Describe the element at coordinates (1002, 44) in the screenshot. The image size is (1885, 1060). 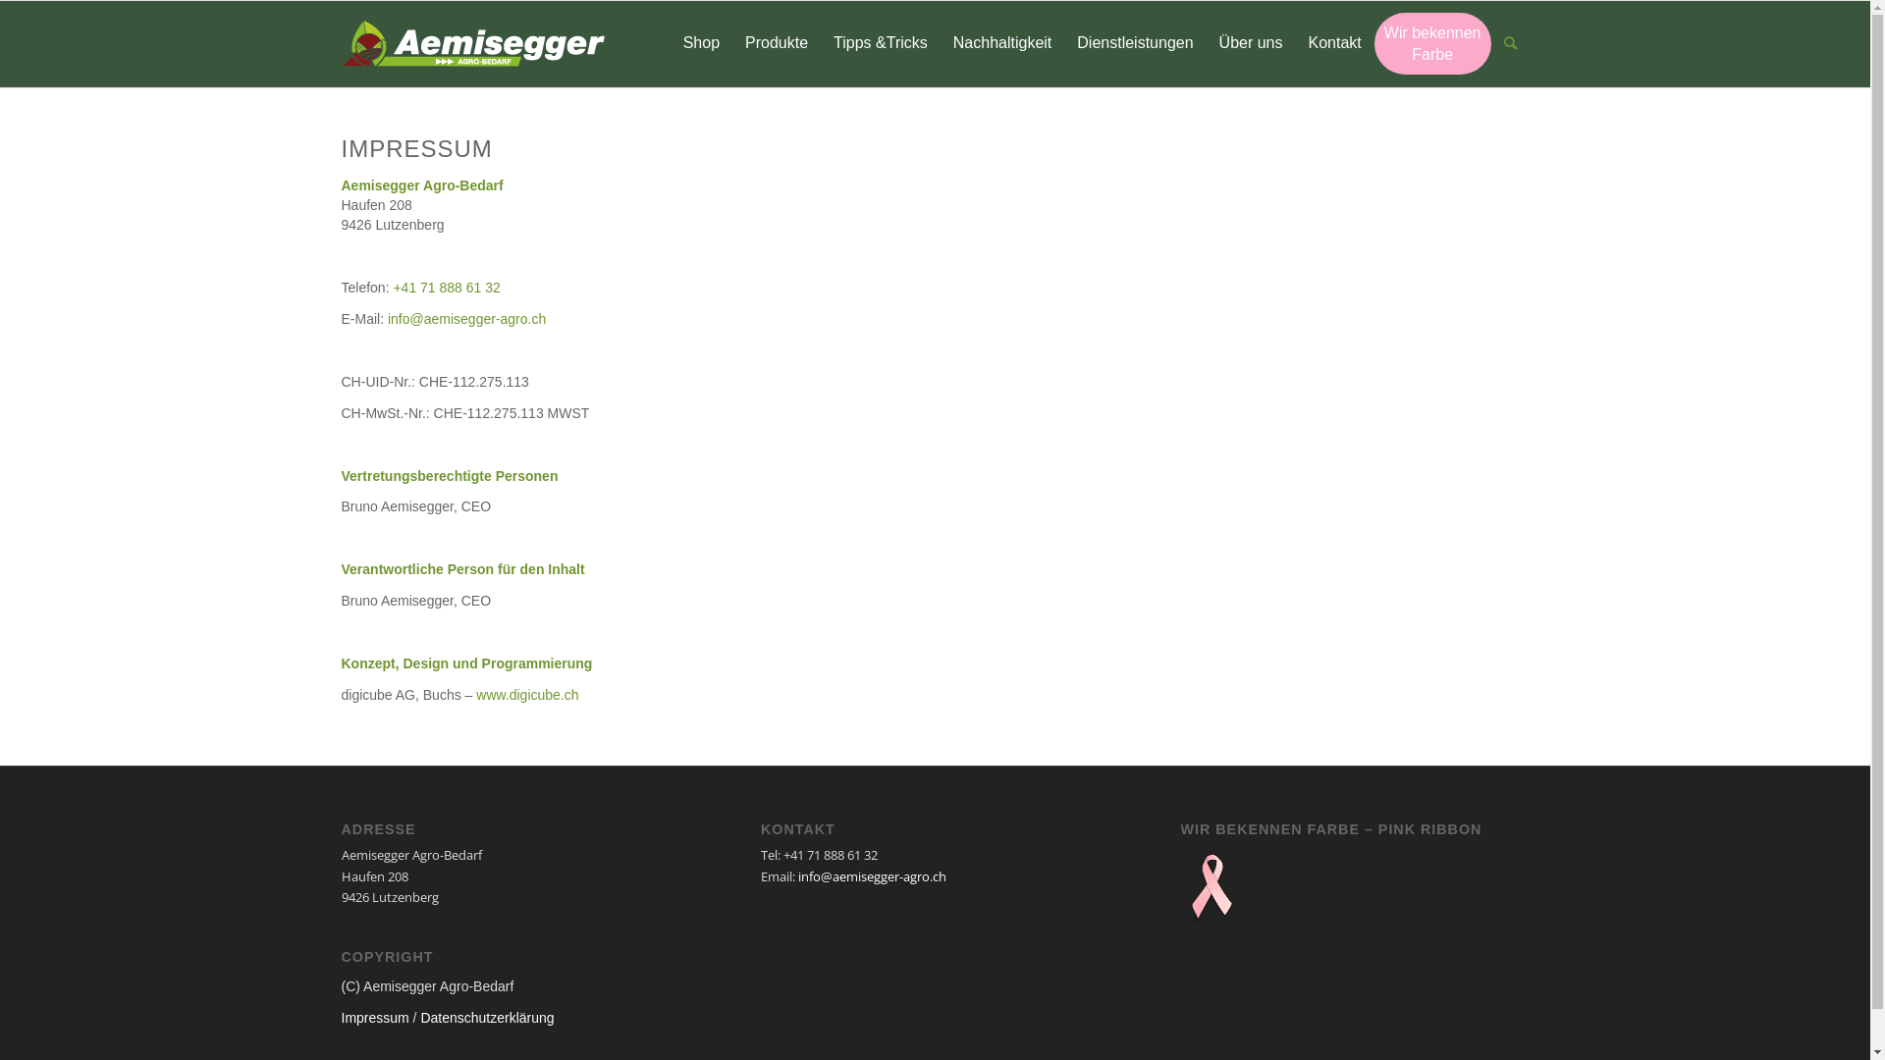
I see `'Nachhaltigkeit'` at that location.